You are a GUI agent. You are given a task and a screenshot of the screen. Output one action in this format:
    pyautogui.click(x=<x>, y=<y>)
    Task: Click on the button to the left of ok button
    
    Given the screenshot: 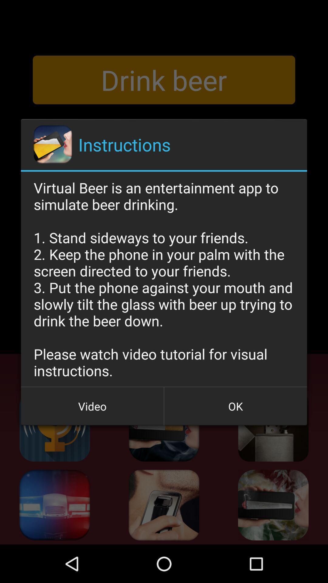 What is the action you would take?
    pyautogui.click(x=92, y=406)
    